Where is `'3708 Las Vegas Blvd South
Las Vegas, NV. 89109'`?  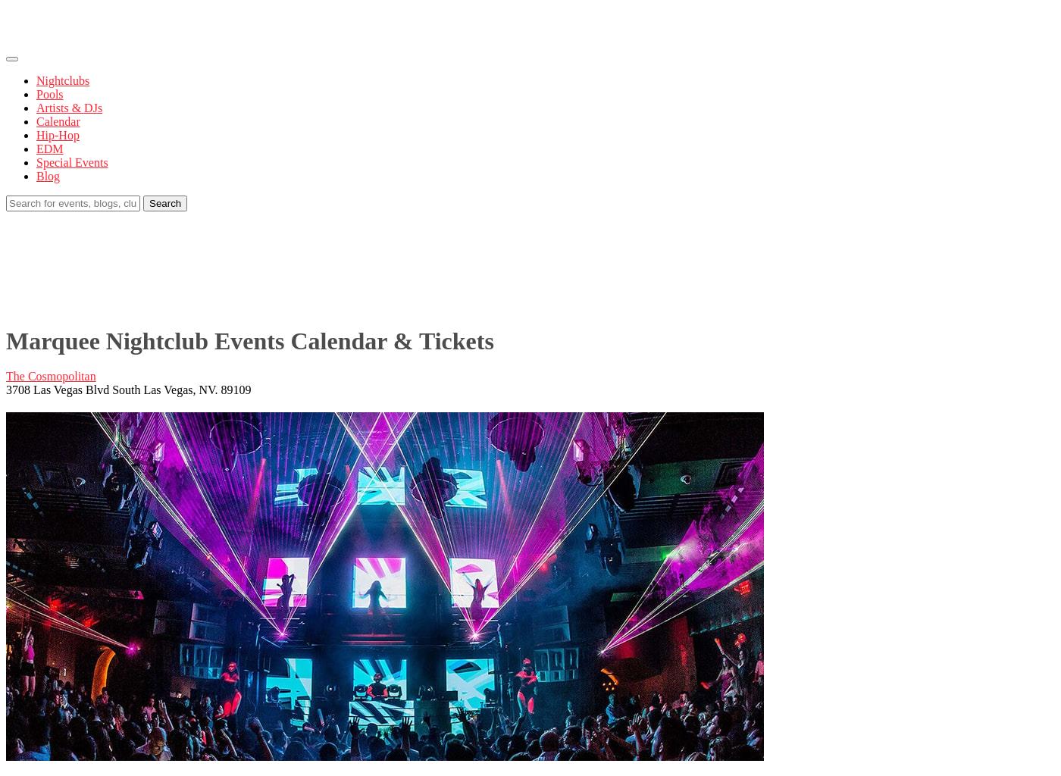 '3708 Las Vegas Blvd South
Las Vegas, NV. 89109' is located at coordinates (128, 389).